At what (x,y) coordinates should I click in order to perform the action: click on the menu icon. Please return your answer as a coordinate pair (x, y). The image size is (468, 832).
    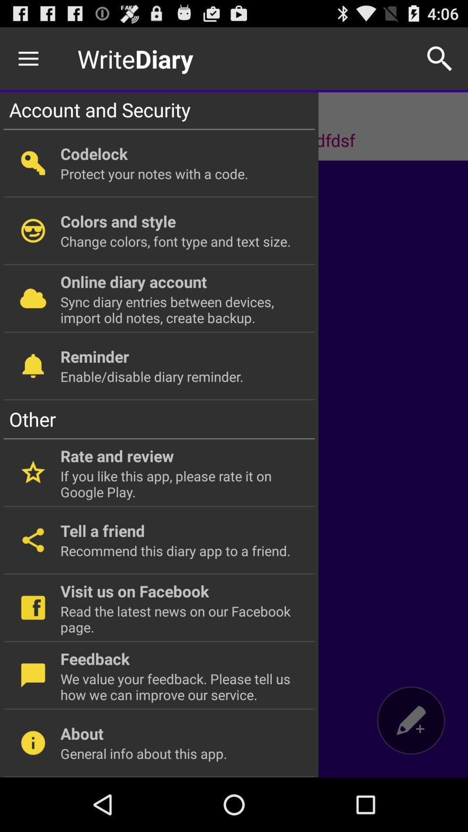
    Looking at the image, I should click on (33, 62).